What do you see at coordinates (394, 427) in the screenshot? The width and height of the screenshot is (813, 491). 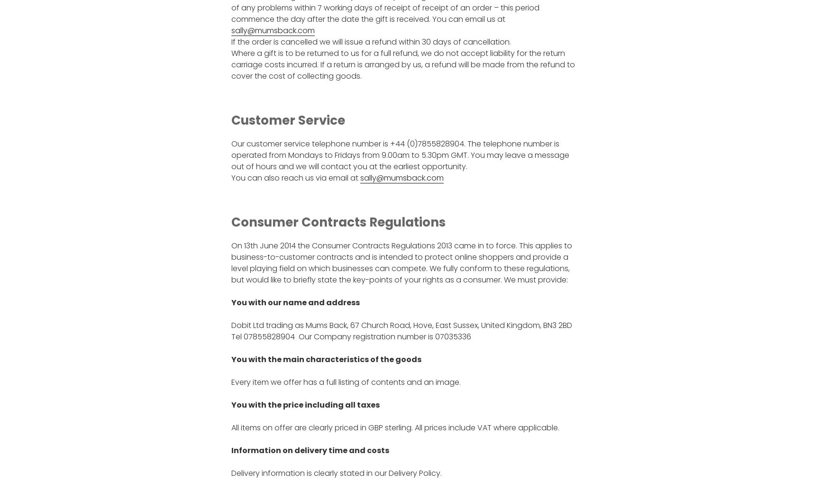 I see `'All items on offer are clearly priced in GBP sterling. All prices include VAT where applicable.'` at bounding box center [394, 427].